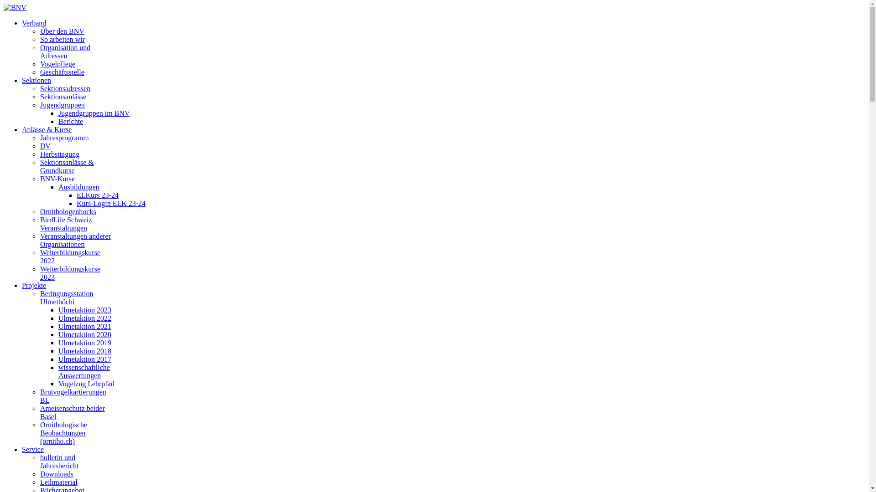 The height and width of the screenshot is (492, 876). I want to click on 'Ornithologenhocks', so click(39, 211).